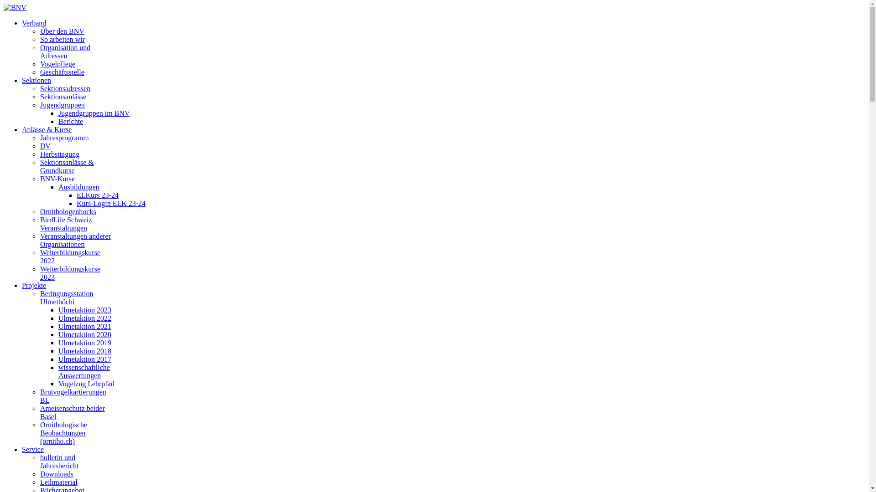 The height and width of the screenshot is (492, 876). I want to click on 'Ornithologenhocks', so click(39, 211).